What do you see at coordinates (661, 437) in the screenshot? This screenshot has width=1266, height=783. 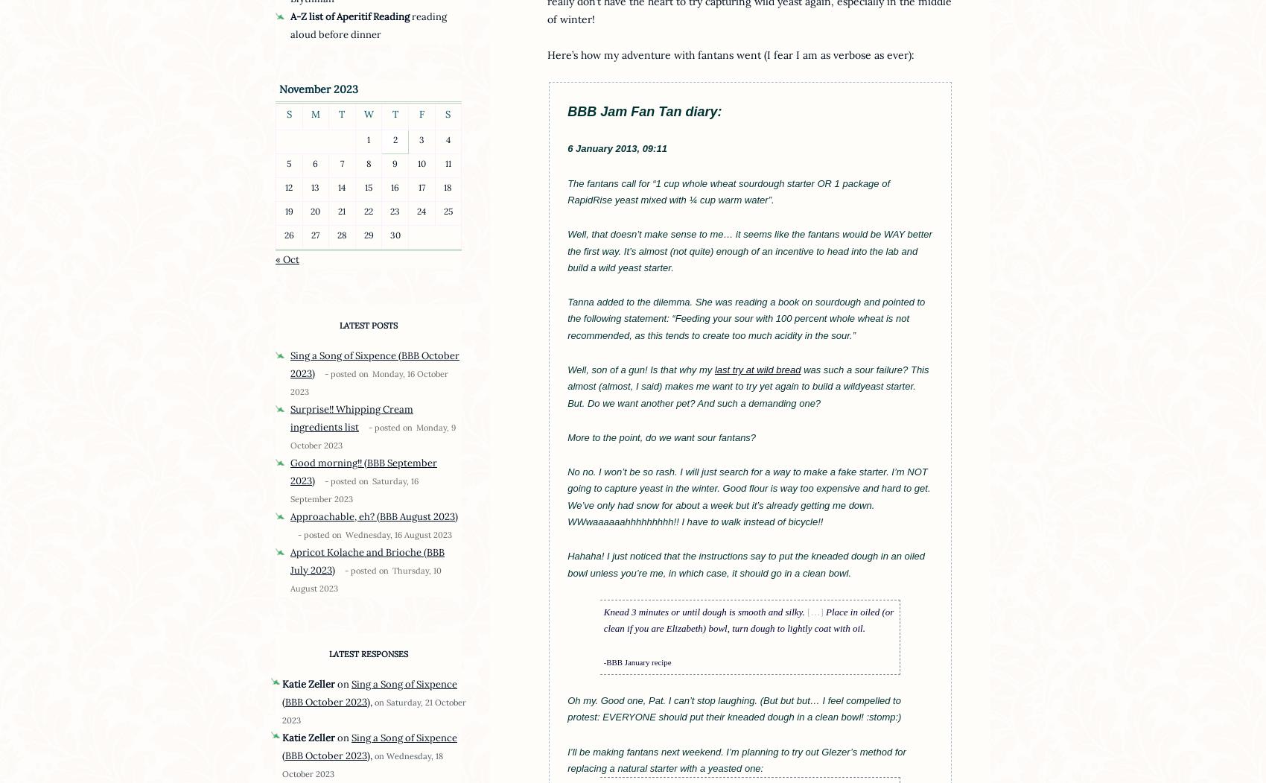 I see `'More to the point, do we want sour fantans?'` at bounding box center [661, 437].